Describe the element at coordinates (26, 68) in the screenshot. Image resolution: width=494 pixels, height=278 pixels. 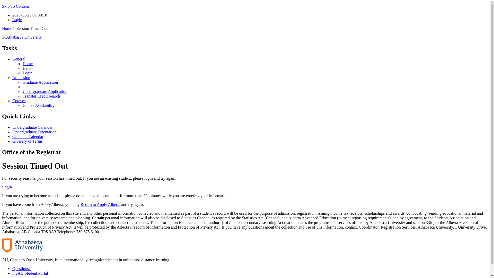
I see `'Help'` at that location.